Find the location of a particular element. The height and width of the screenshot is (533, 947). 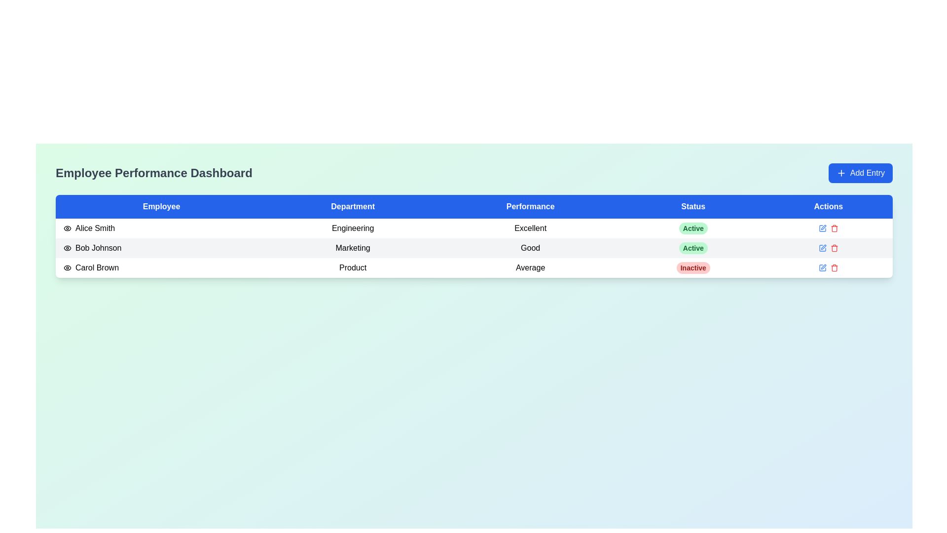

the plus icon element as part of the 'Add Entry' button located in the top-right corner of the interface, above the table of employee data is located at coordinates (840, 173).